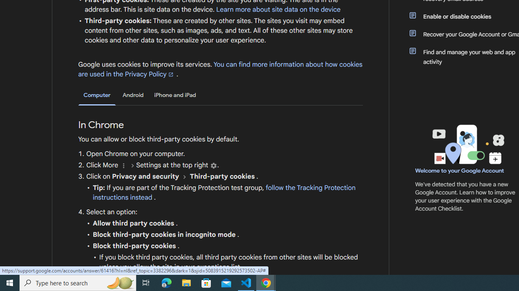  I want to click on 'Learning Center home page image', so click(467, 144).